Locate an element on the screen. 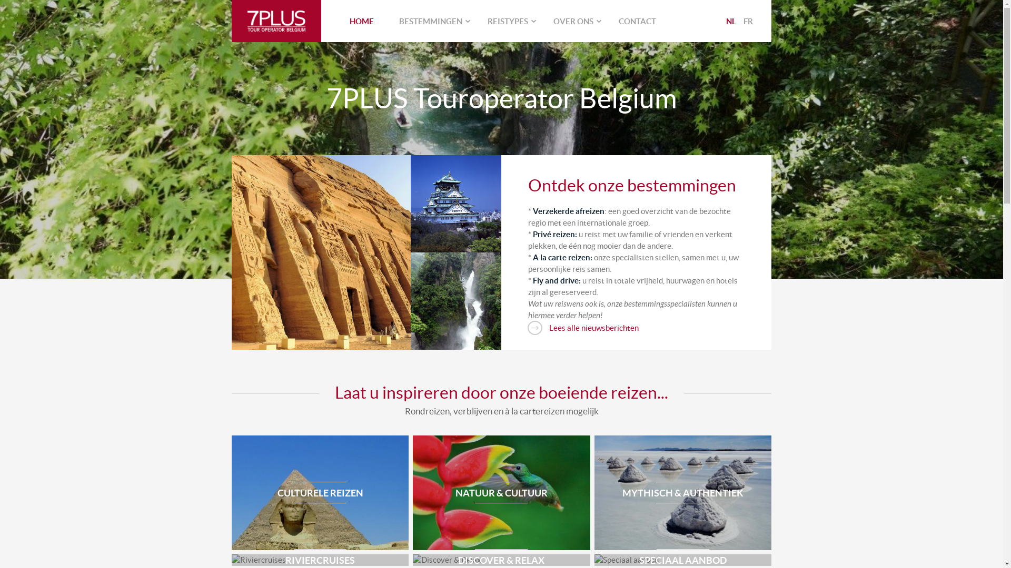  'Discover & Relax' is located at coordinates (500, 559).